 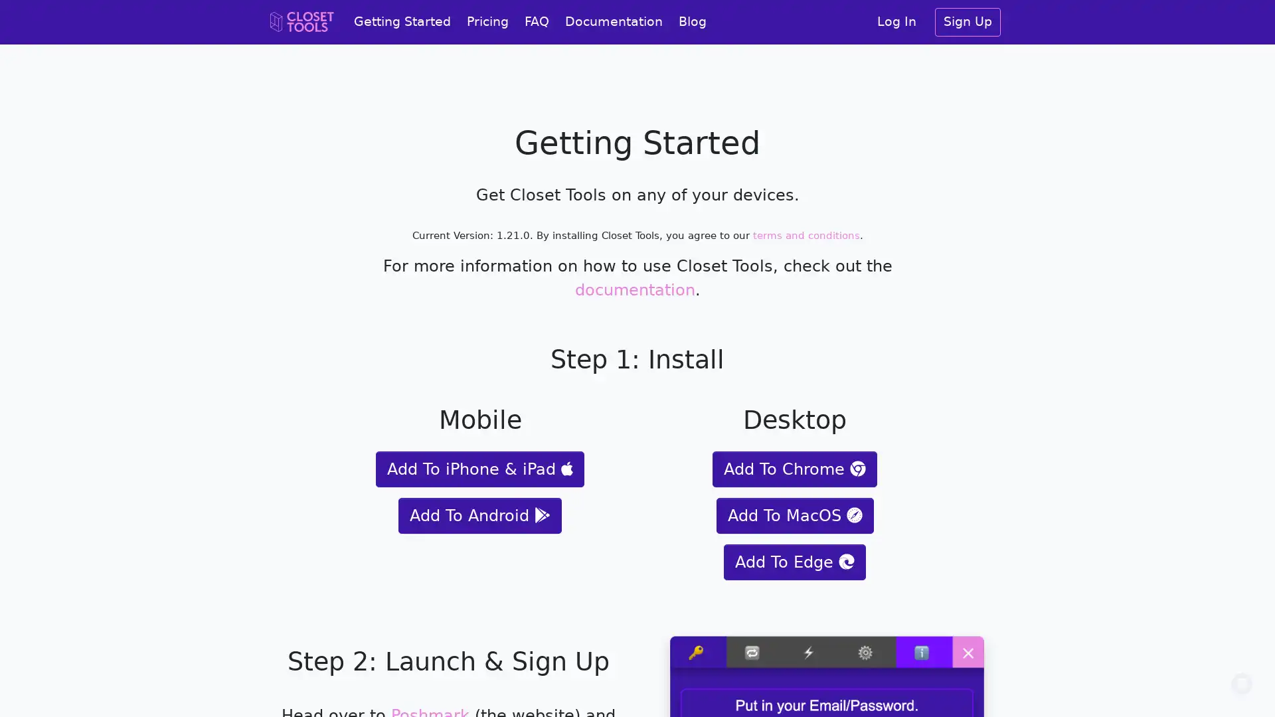 I want to click on Add To Android, so click(x=479, y=514).